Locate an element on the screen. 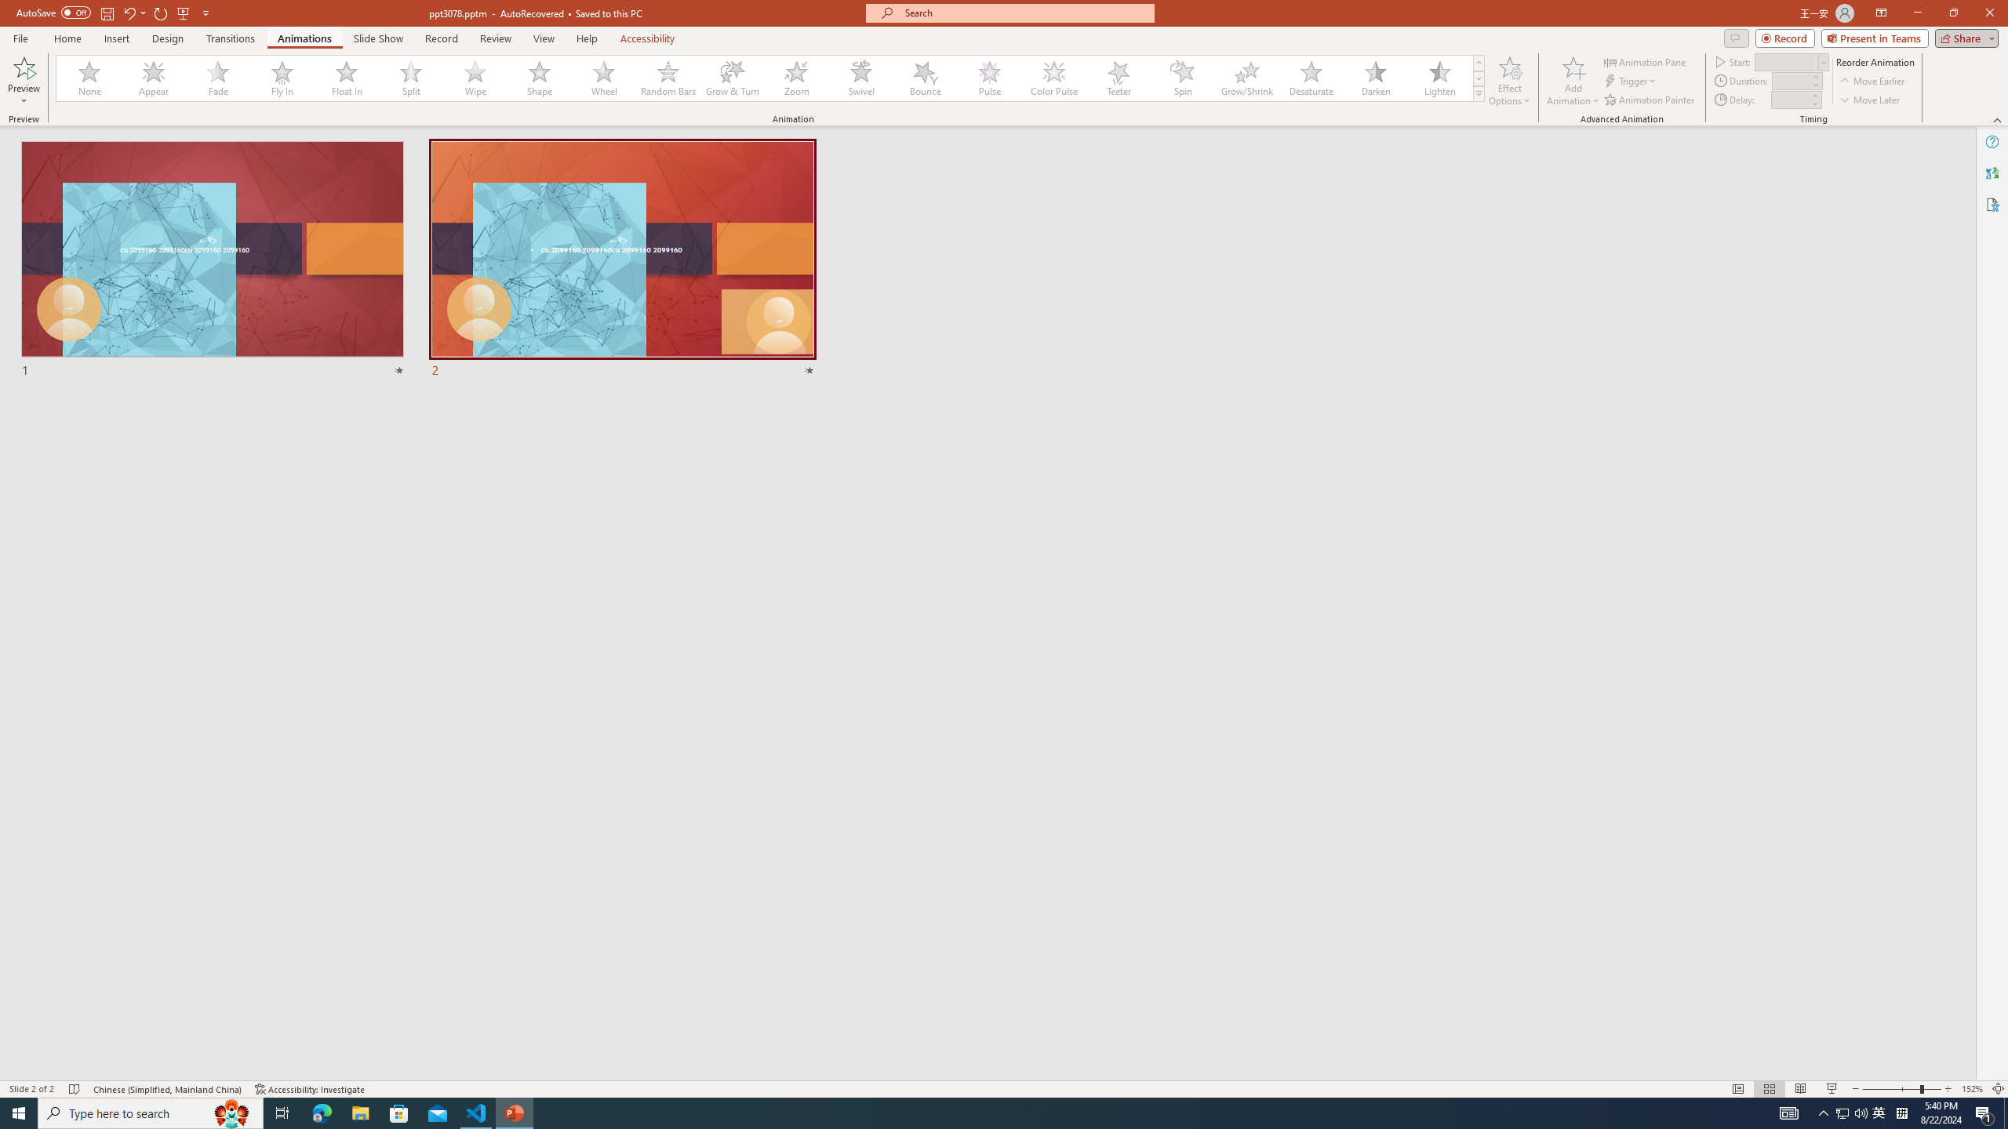  'Add Animation' is located at coordinates (1573, 81).